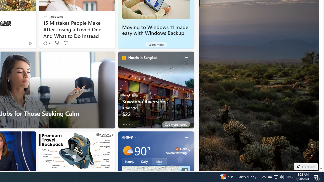 The width and height of the screenshot is (324, 182). What do you see at coordinates (176, 150) in the screenshot?
I see `'Heat - Severe Heat severe warning'` at bounding box center [176, 150].